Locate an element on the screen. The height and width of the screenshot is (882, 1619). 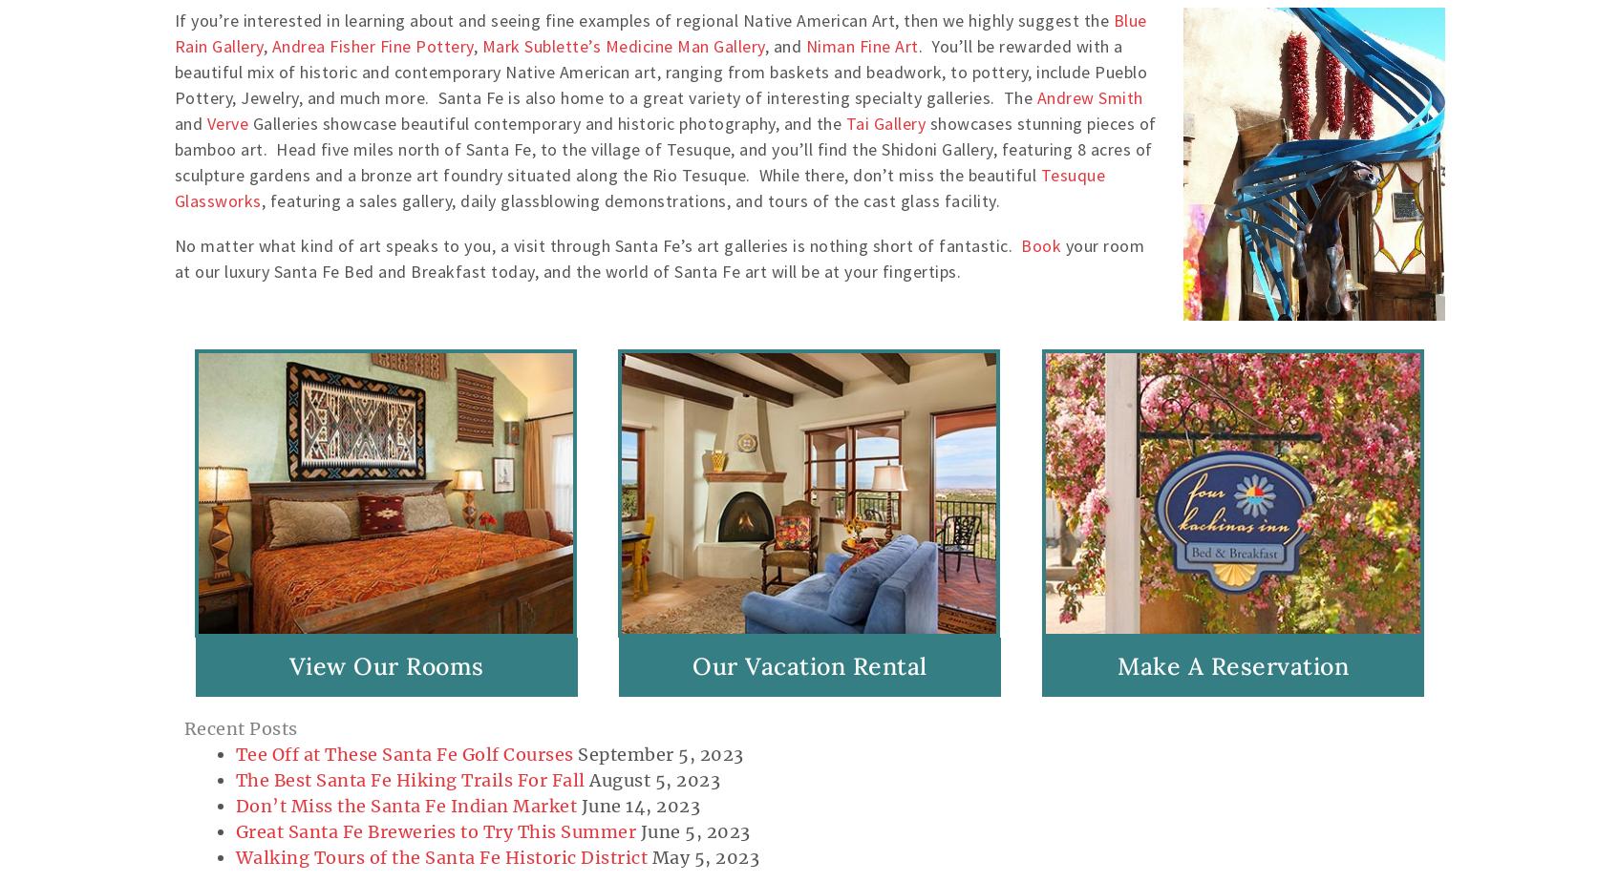
'Andrew Smith' is located at coordinates (1088, 96).